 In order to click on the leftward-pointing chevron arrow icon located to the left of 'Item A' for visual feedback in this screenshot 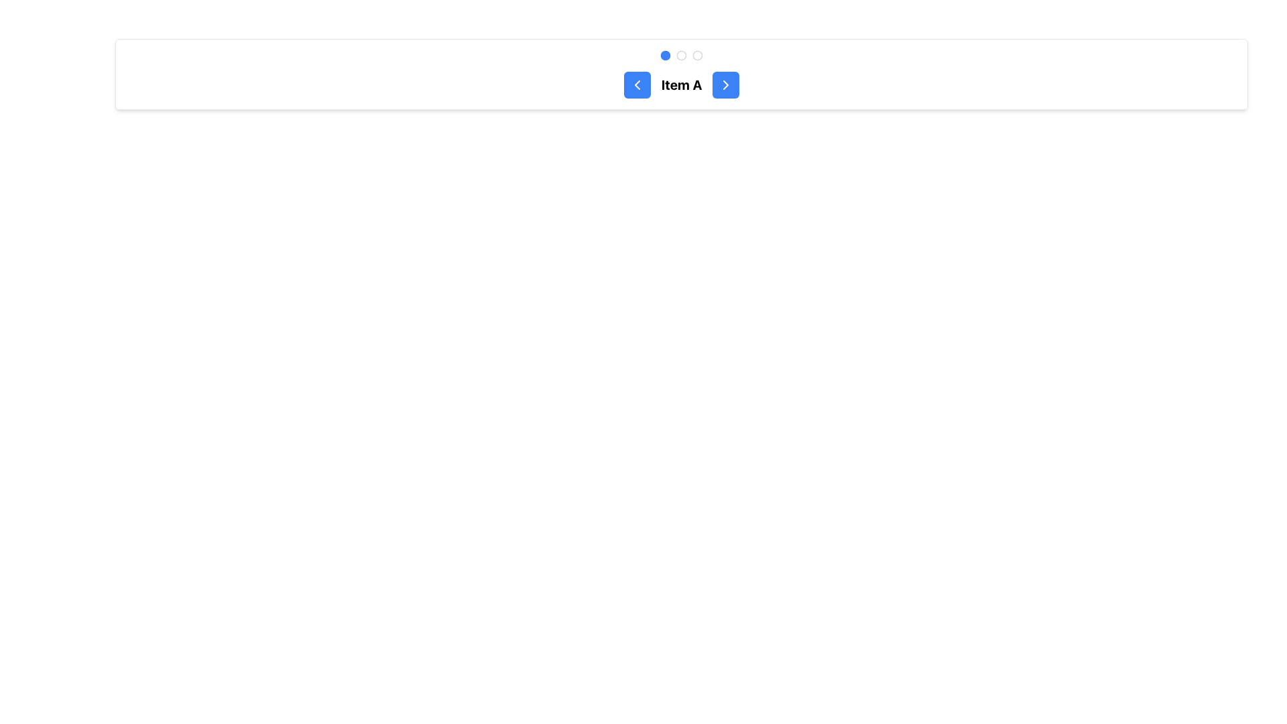, I will do `click(636, 85)`.